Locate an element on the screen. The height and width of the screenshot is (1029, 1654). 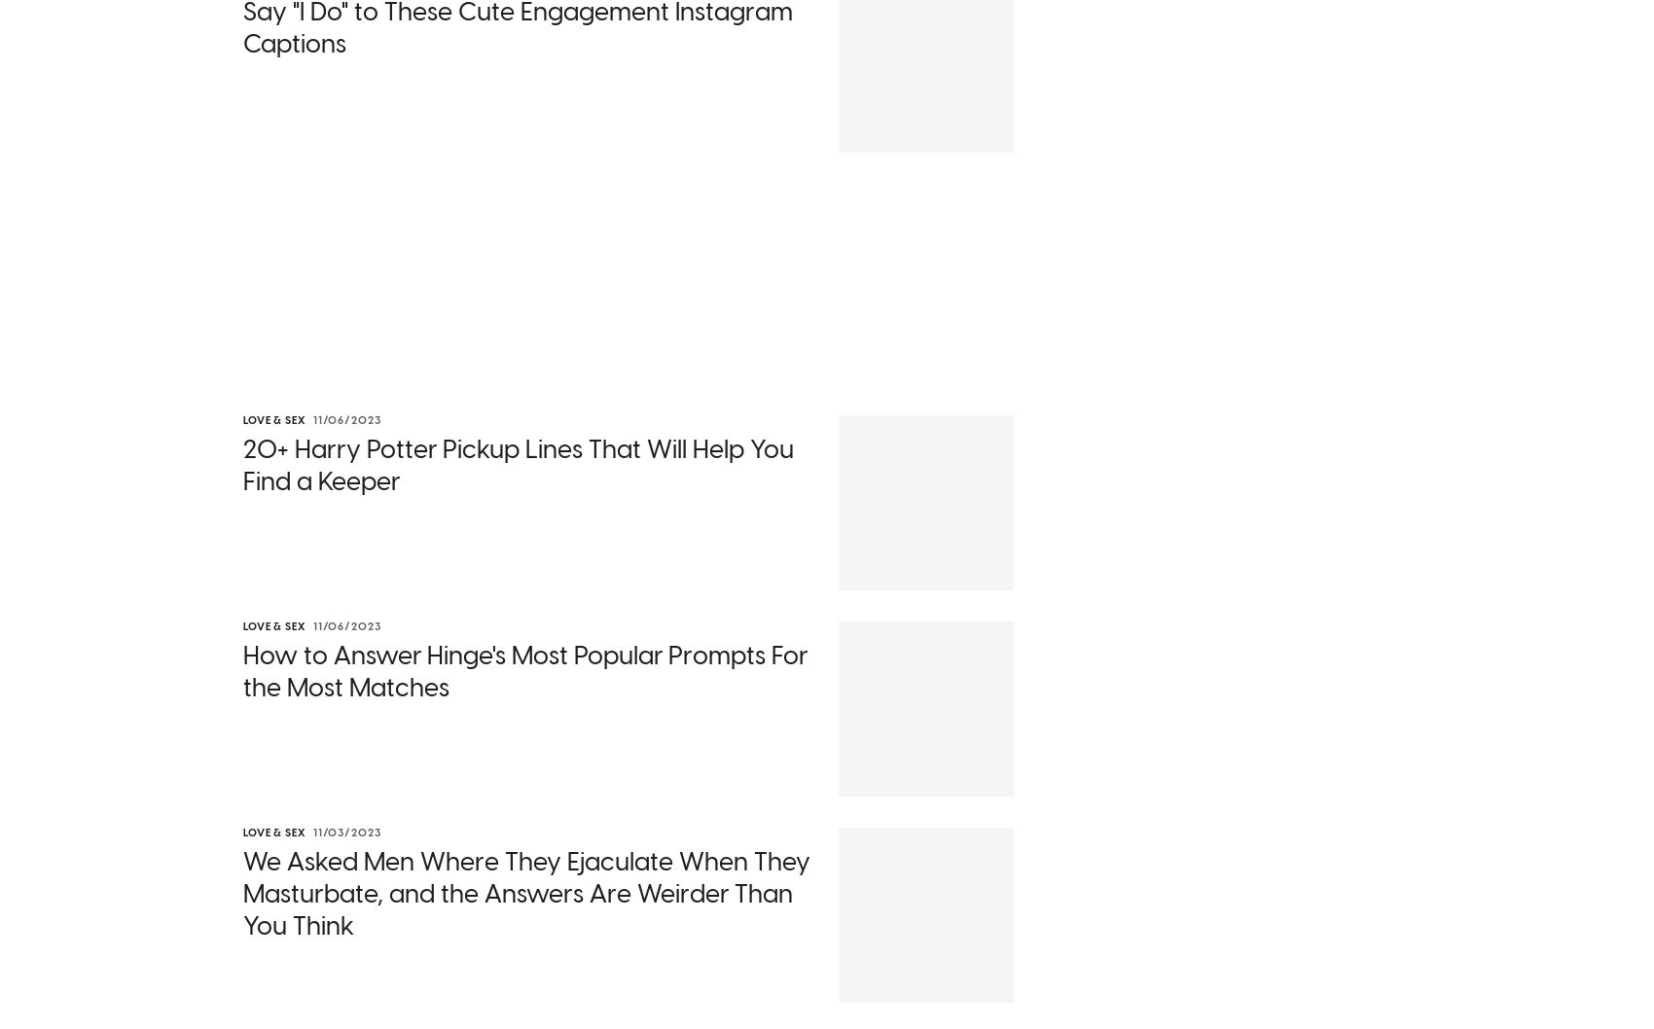
'low-income families or families in which the primary parent is in school. Usually, children qualify to go to daycare centers that are also state or federally funded; however, even still, there can be long waiting lists in some areas, and subsidies don't always cover the total cost of childcare.' is located at coordinates (616, 761).